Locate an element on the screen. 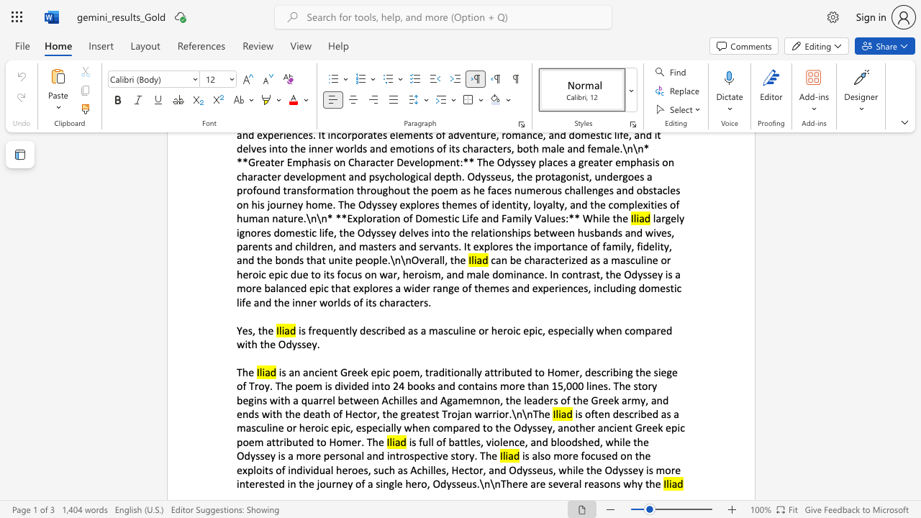 Image resolution: width=921 pixels, height=518 pixels. the subset text "pic, especial" within the text "is frequently described as a masculine or heroic epic, especially when compared with the Odyssey." is located at coordinates (528, 330).